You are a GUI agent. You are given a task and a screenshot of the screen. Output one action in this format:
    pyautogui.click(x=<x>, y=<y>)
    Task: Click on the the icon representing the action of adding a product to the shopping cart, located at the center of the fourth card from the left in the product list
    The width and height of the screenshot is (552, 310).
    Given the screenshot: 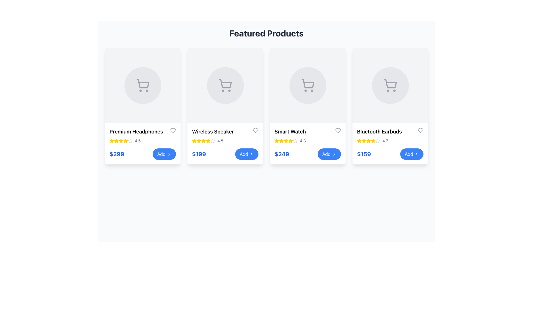 What is the action you would take?
    pyautogui.click(x=390, y=85)
    